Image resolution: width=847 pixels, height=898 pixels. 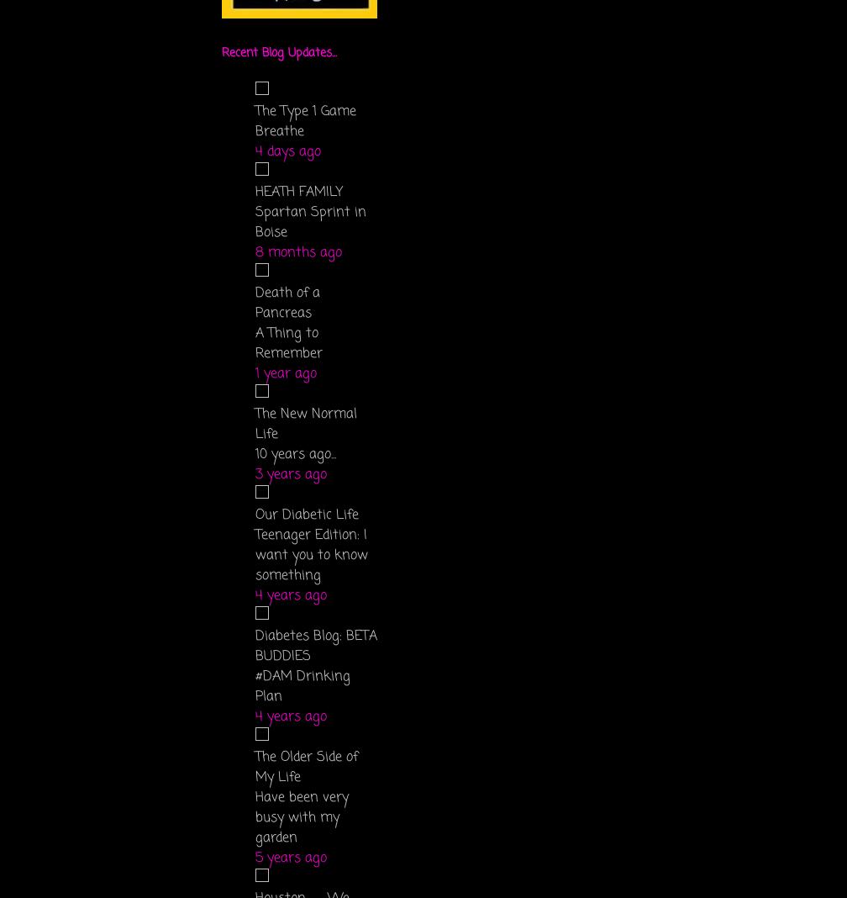 I want to click on 'A Thing to Remember', so click(x=289, y=344).